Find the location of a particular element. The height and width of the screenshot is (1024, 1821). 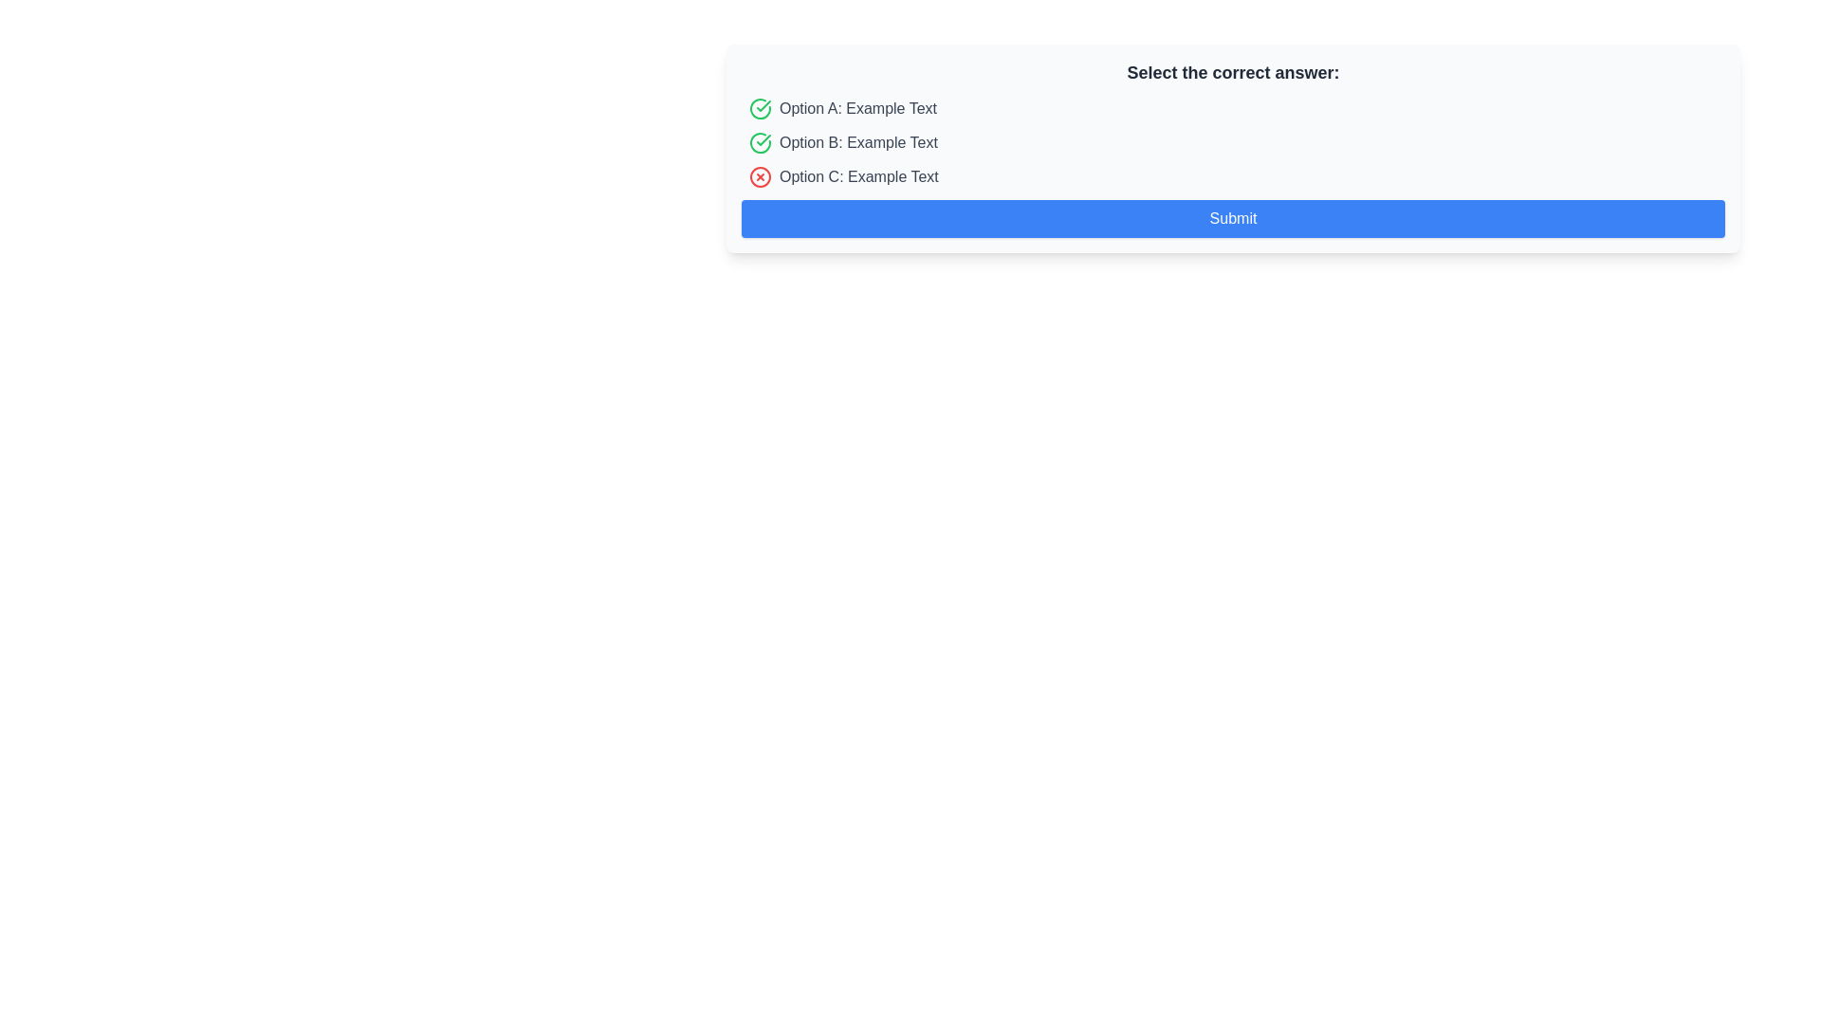

instruction displayed in the text label that says 'Select the correct answer:', which is bold and visually emphasized as a header above the quiz options is located at coordinates (1233, 72).